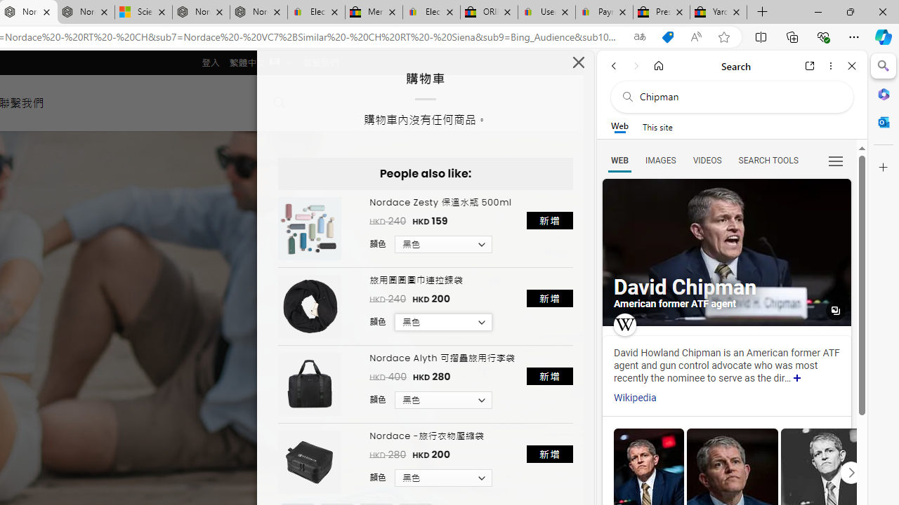 Image resolution: width=899 pixels, height=505 pixels. Describe the element at coordinates (707, 159) in the screenshot. I see `'Search Filter, VIDEOS'` at that location.